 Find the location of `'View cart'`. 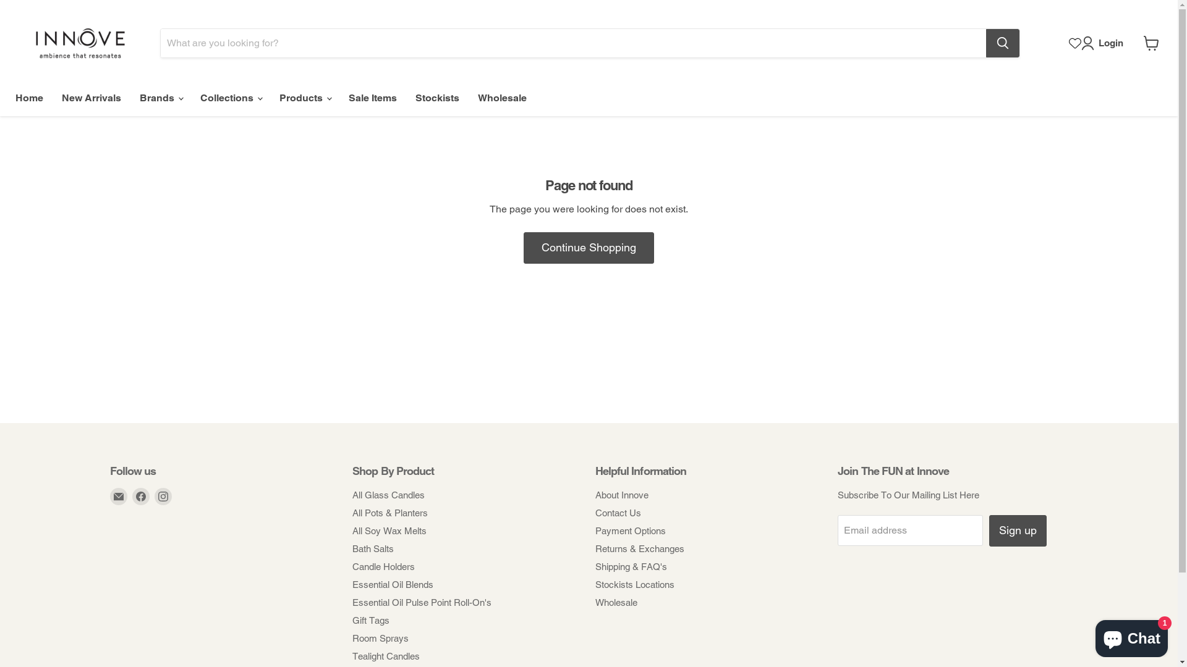

'View cart' is located at coordinates (1137, 42).